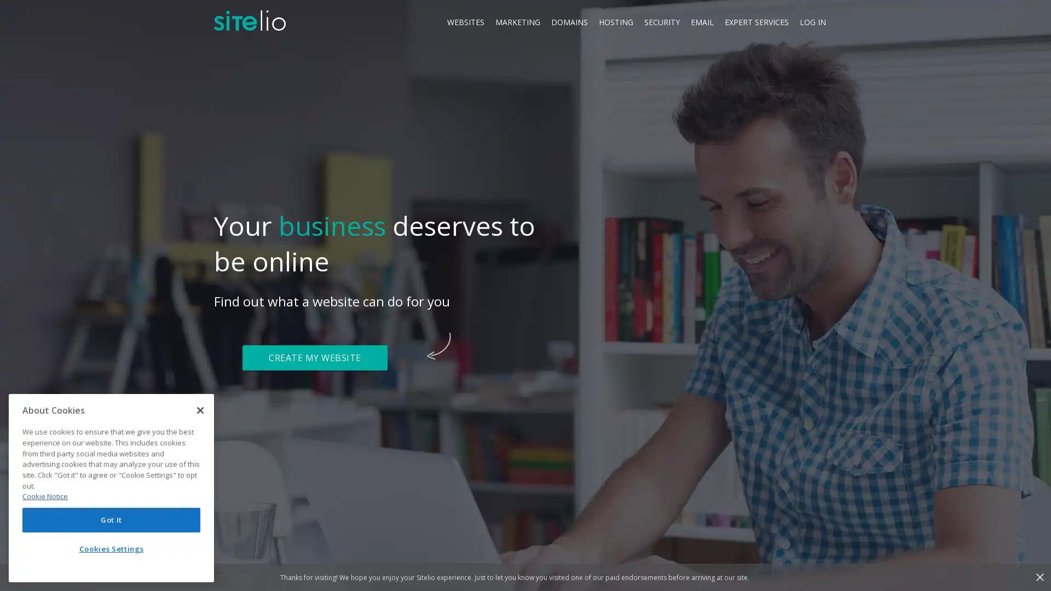  Describe the element at coordinates (111, 519) in the screenshot. I see `Got It` at that location.